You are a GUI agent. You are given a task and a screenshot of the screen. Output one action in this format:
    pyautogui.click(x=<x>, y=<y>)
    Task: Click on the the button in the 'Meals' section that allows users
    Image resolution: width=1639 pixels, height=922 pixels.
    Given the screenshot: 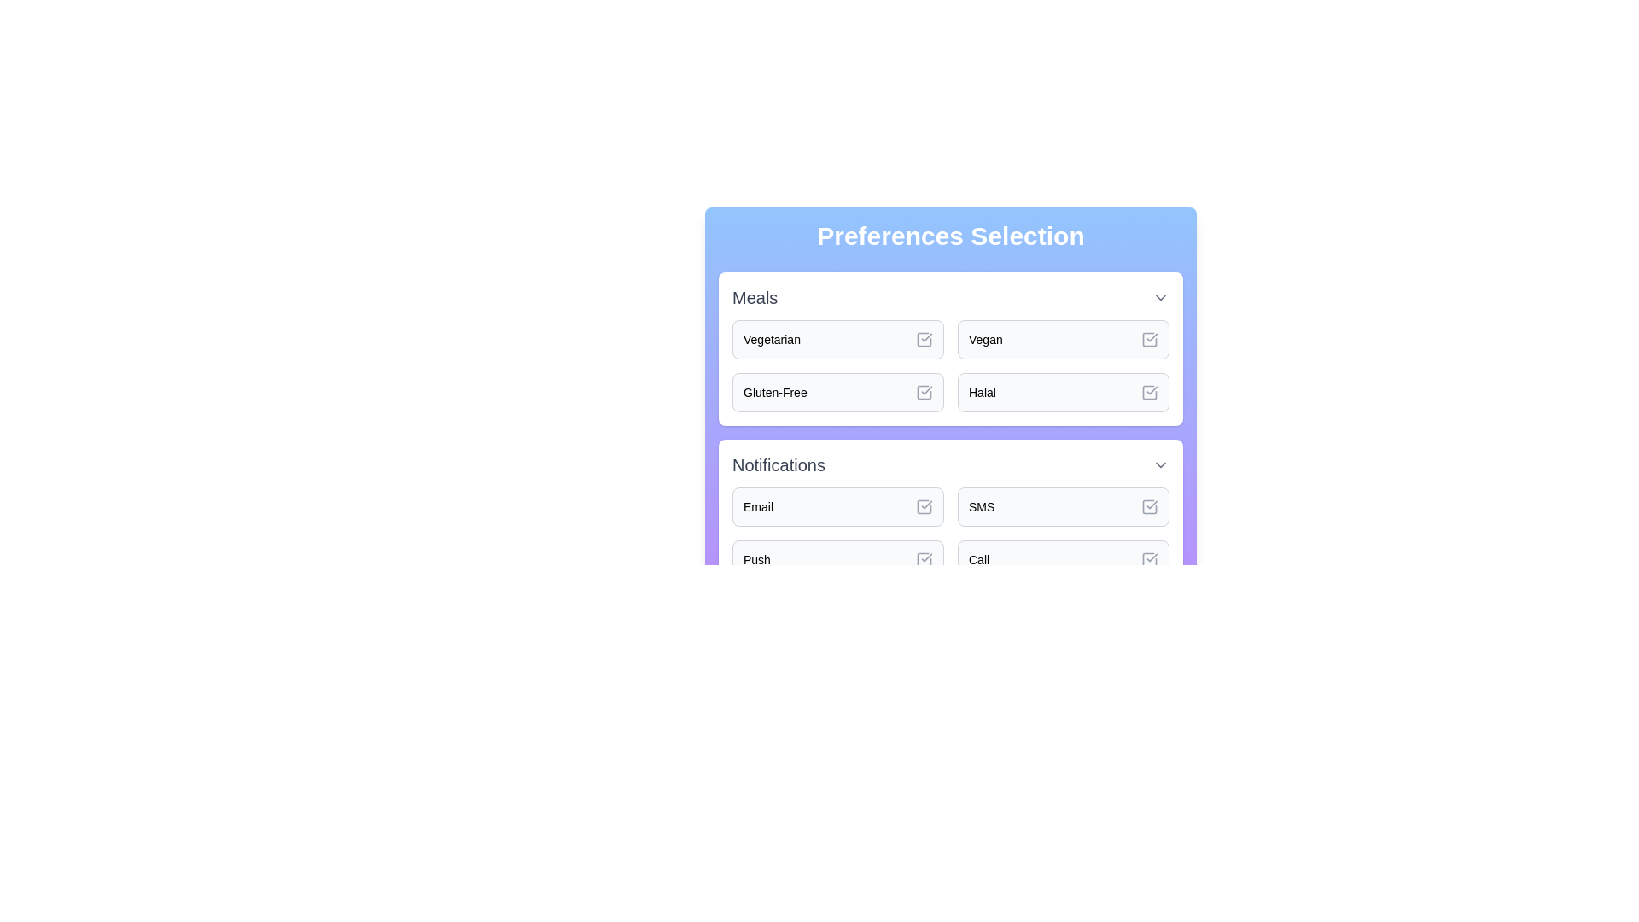 What is the action you would take?
    pyautogui.click(x=1063, y=392)
    